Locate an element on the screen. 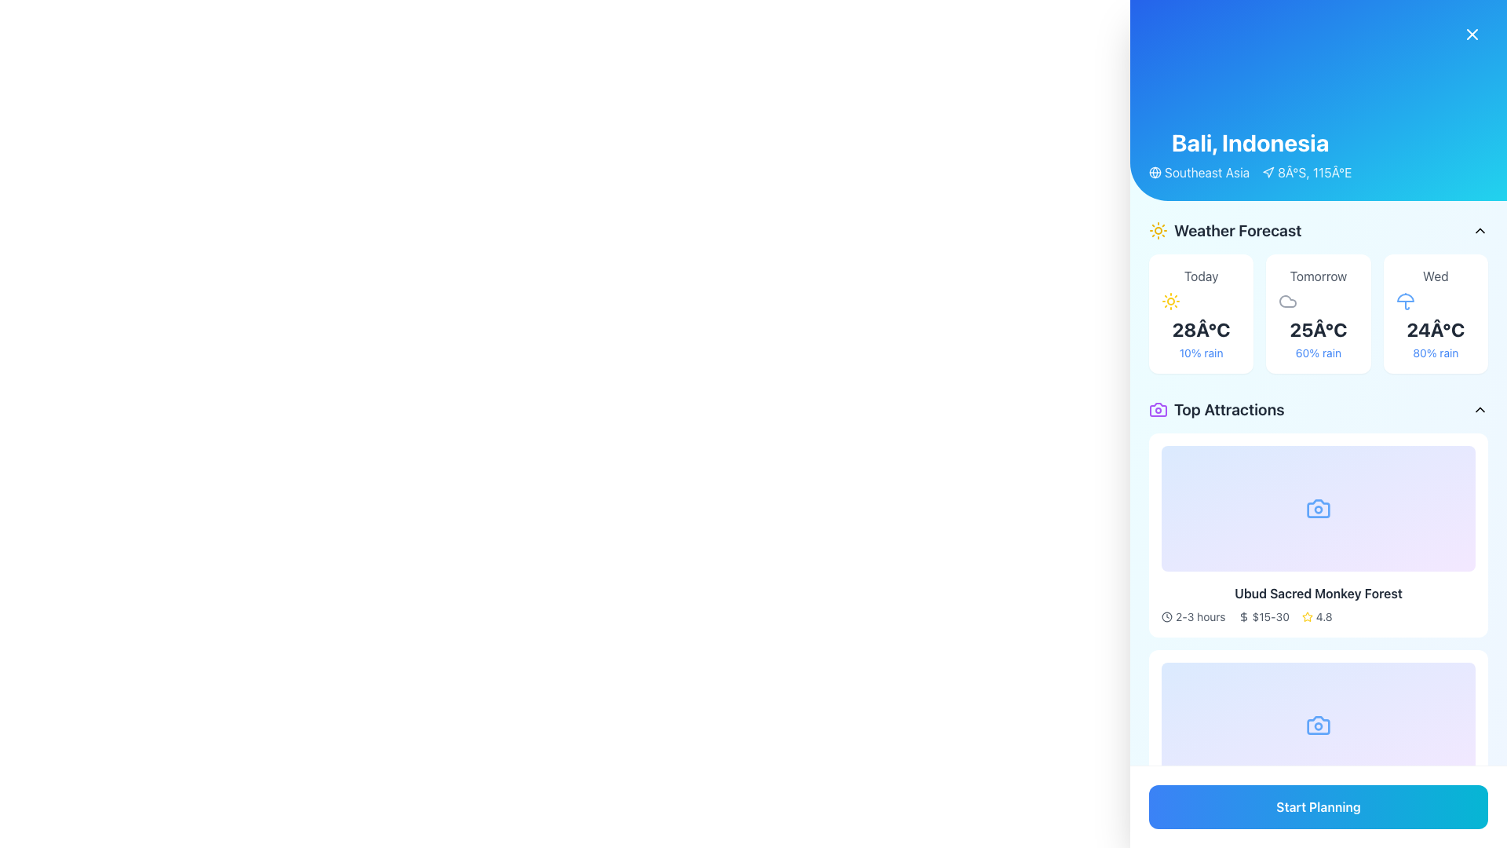 The image size is (1507, 848). the photography icon within the 'Top Attractions' section, associated with the 'Ubud Sacred Monkey Forest' entry is located at coordinates (1319, 509).